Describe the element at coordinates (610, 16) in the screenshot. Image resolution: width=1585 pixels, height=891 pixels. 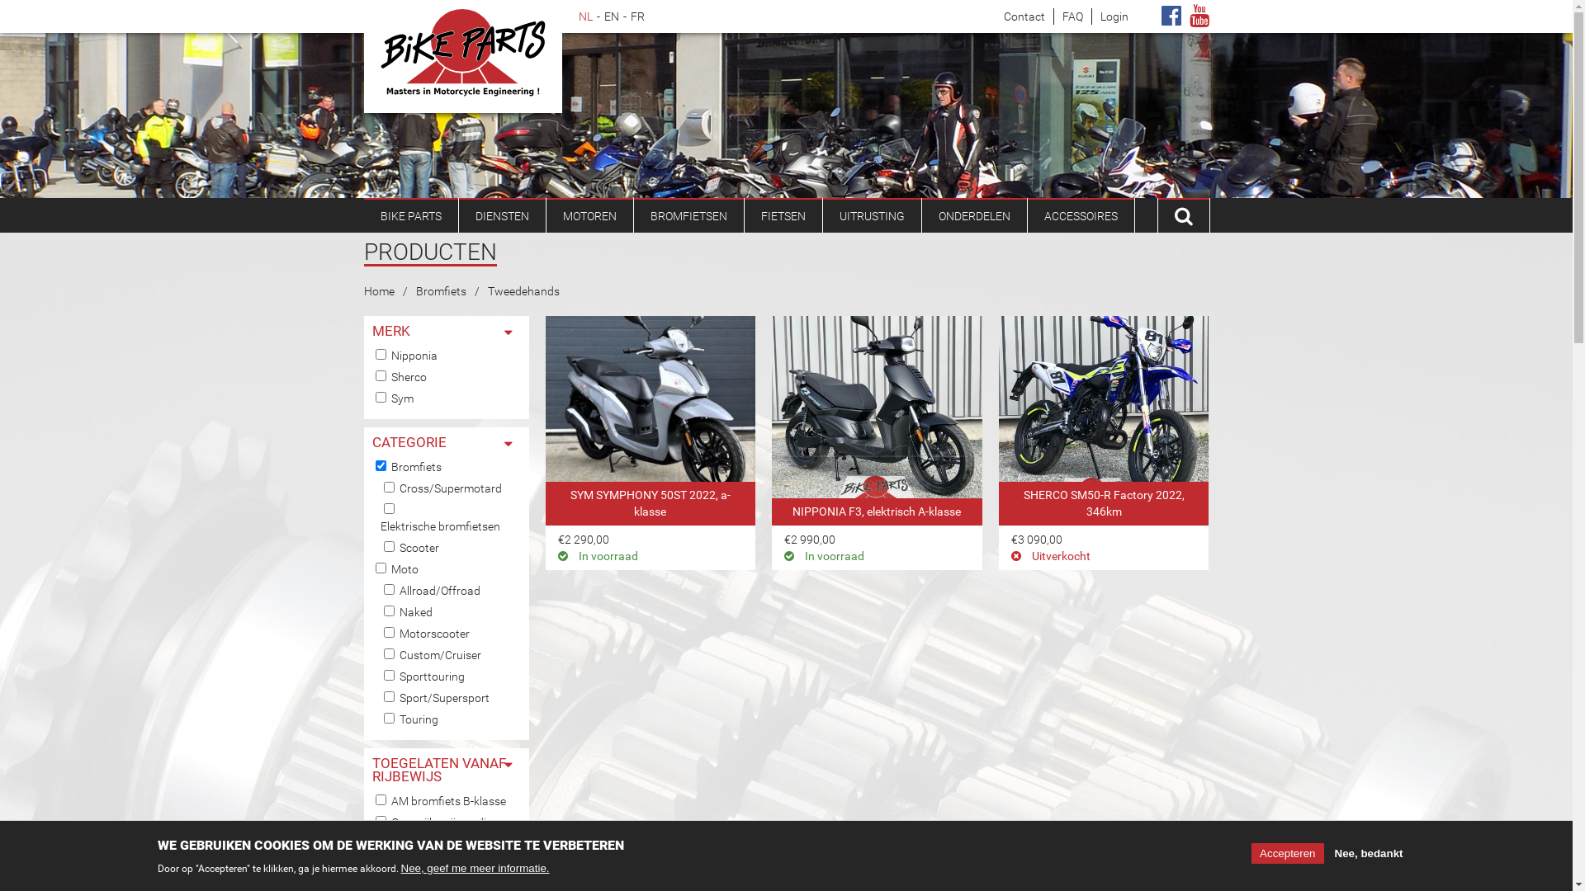
I see `'EN'` at that location.